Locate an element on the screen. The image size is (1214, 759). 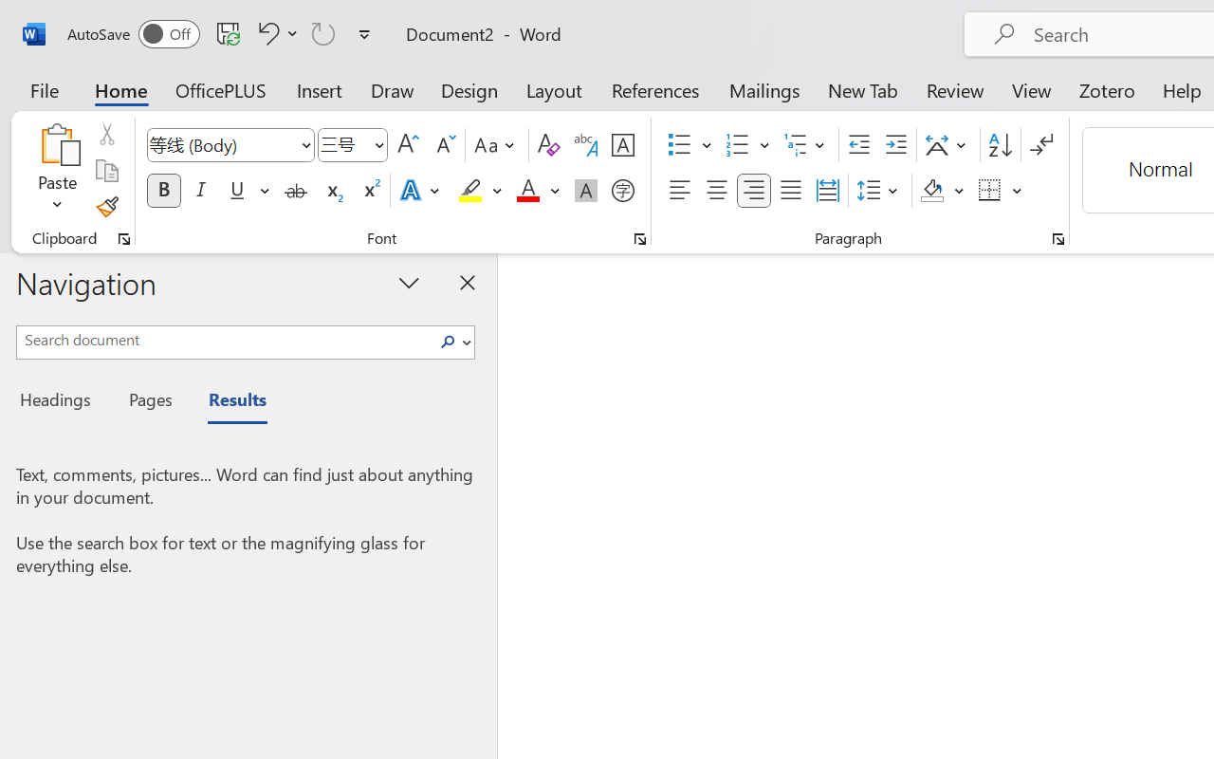
'Results' is located at coordinates (228, 402).